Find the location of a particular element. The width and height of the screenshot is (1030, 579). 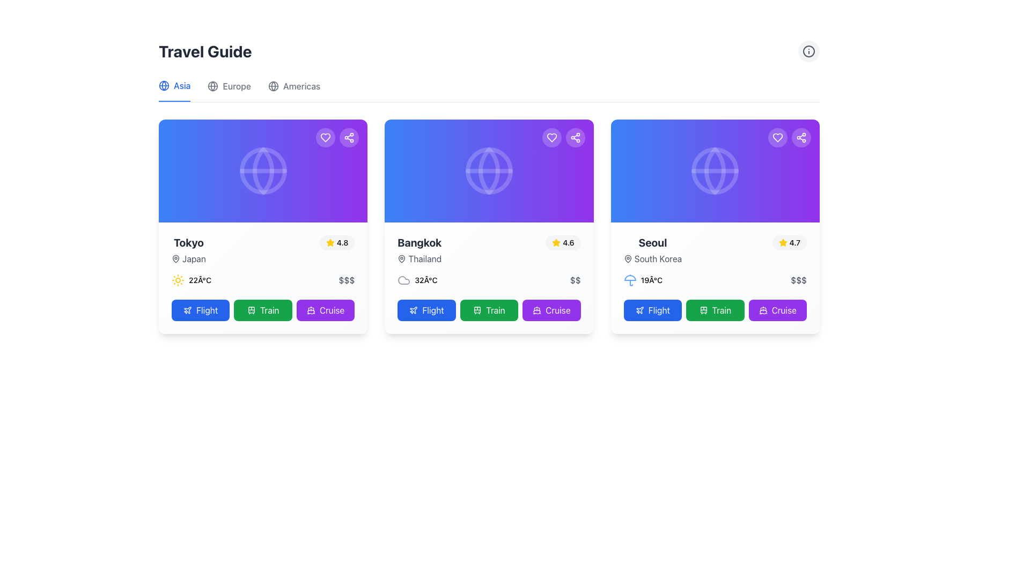

the globe icon located to the left of the 'Americas' label is located at coordinates (273, 86).